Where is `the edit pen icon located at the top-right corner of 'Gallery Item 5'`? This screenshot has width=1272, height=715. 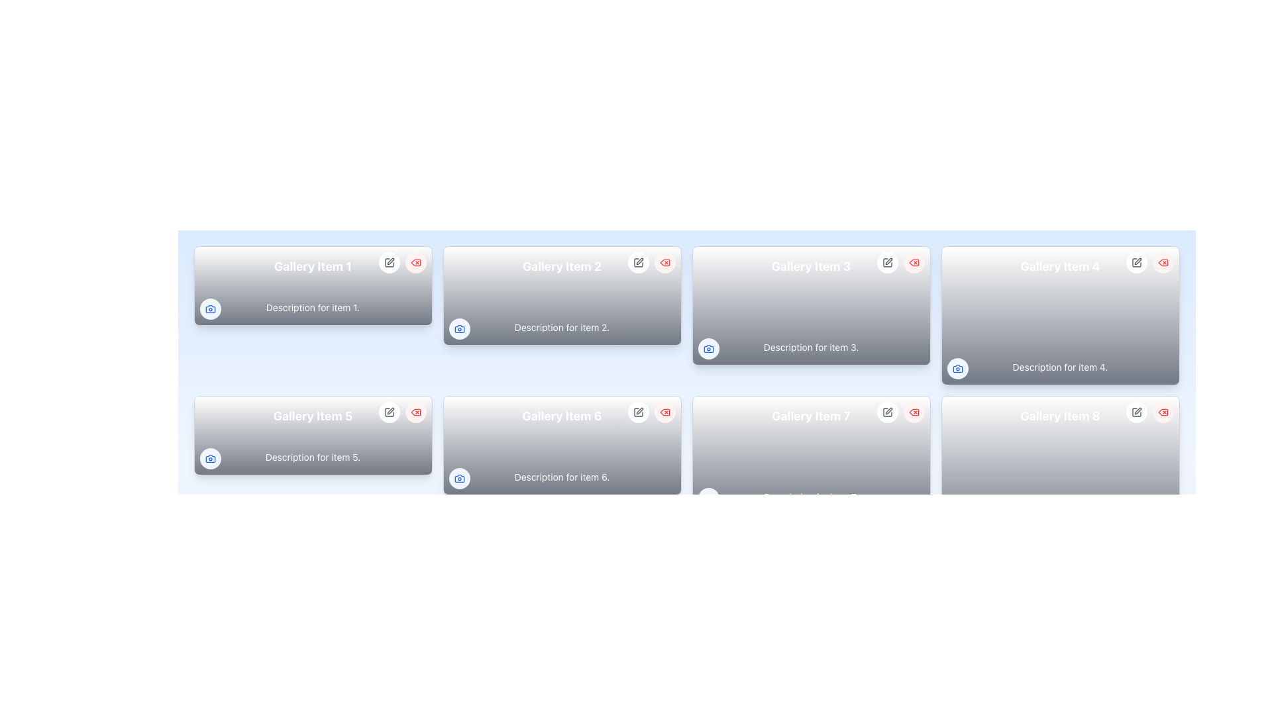
the edit pen icon located at the top-right corner of 'Gallery Item 5' is located at coordinates (390, 410).